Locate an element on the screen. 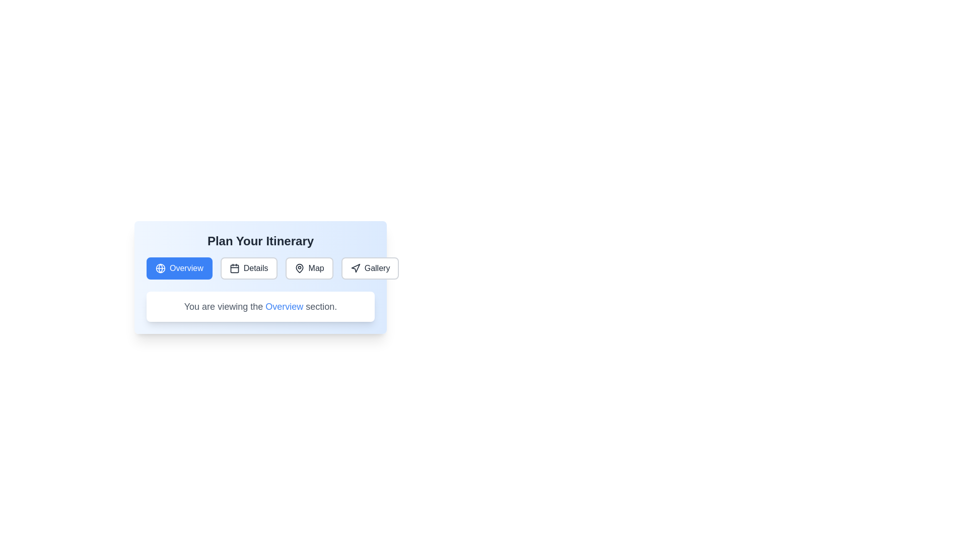 This screenshot has width=967, height=544. the circular element with a blue outline that is centrally located within the globe icon, which is to the left of the 'Overview' button in the top navigation bar is located at coordinates (160, 267).